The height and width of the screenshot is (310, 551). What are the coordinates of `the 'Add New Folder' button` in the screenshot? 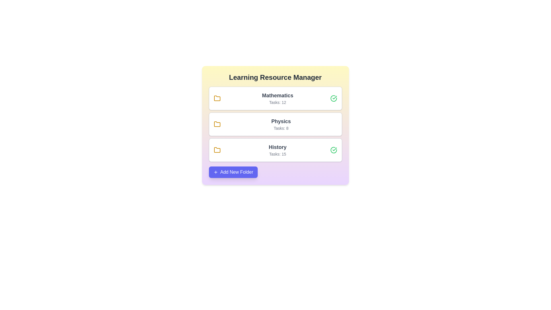 It's located at (233, 172).